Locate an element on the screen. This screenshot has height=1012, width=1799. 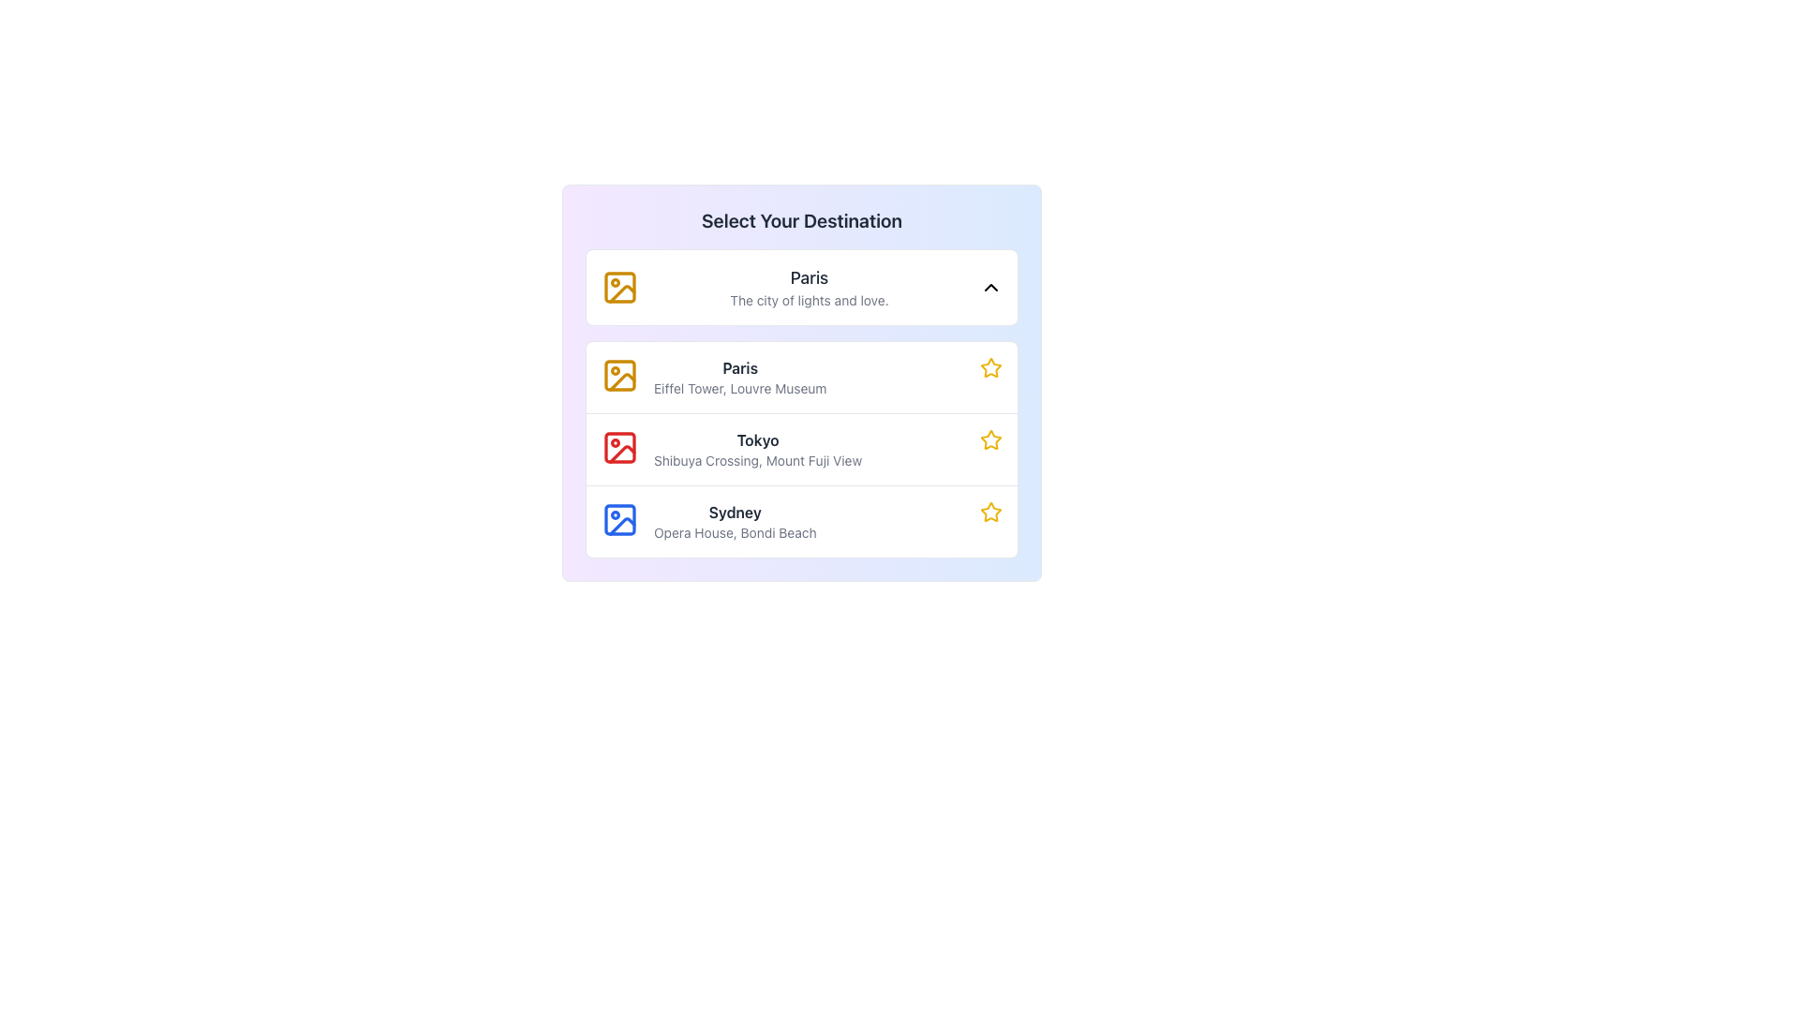
the text label that provides the name and description of the location, which is the third item in the vertically stacked list of destinations, situated below 'Tokyo' and above the yellow star icon is located at coordinates (734, 521).